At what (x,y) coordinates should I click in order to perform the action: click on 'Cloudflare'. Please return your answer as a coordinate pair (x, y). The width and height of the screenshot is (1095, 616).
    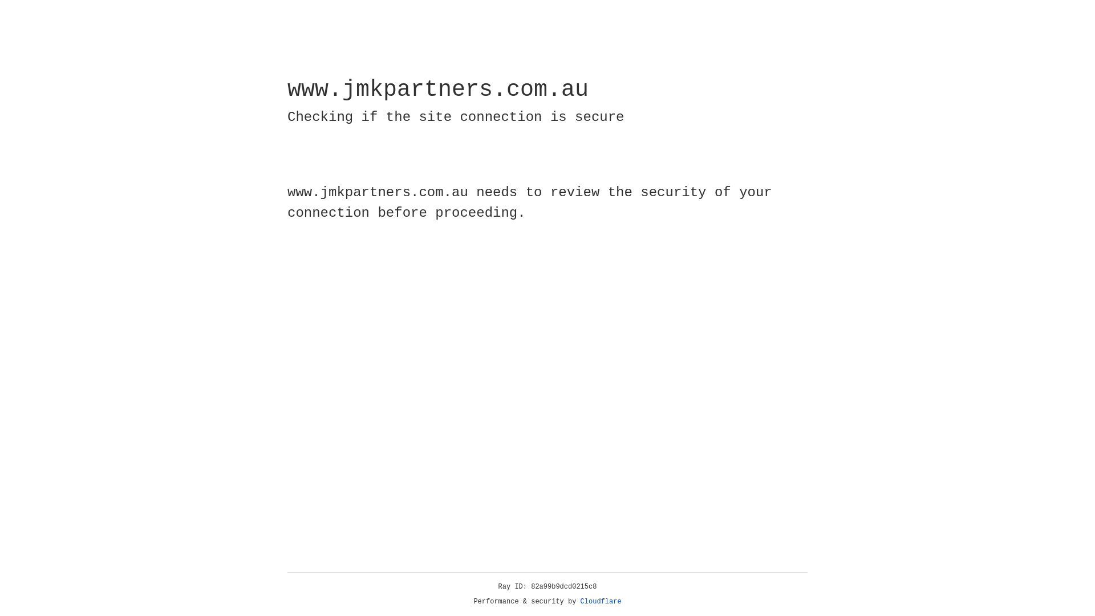
    Looking at the image, I should click on (580, 601).